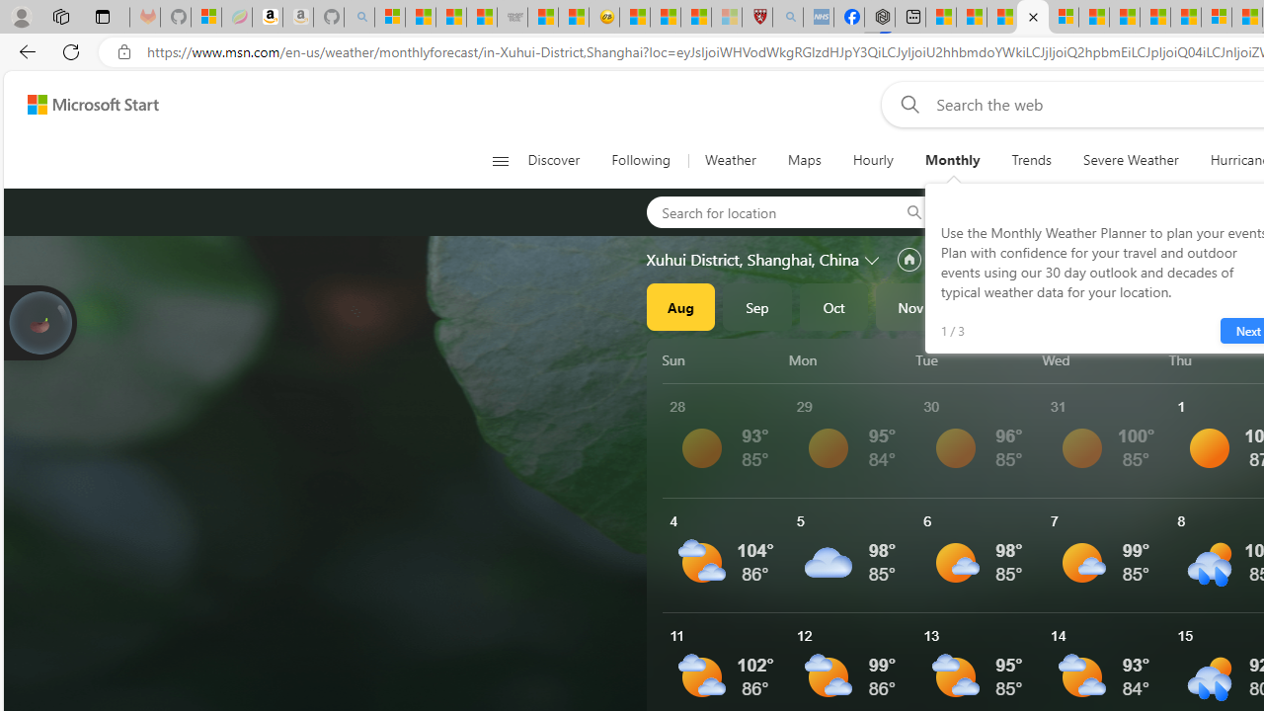 This screenshot has width=1264, height=711. I want to click on 'Change location', so click(873, 258).